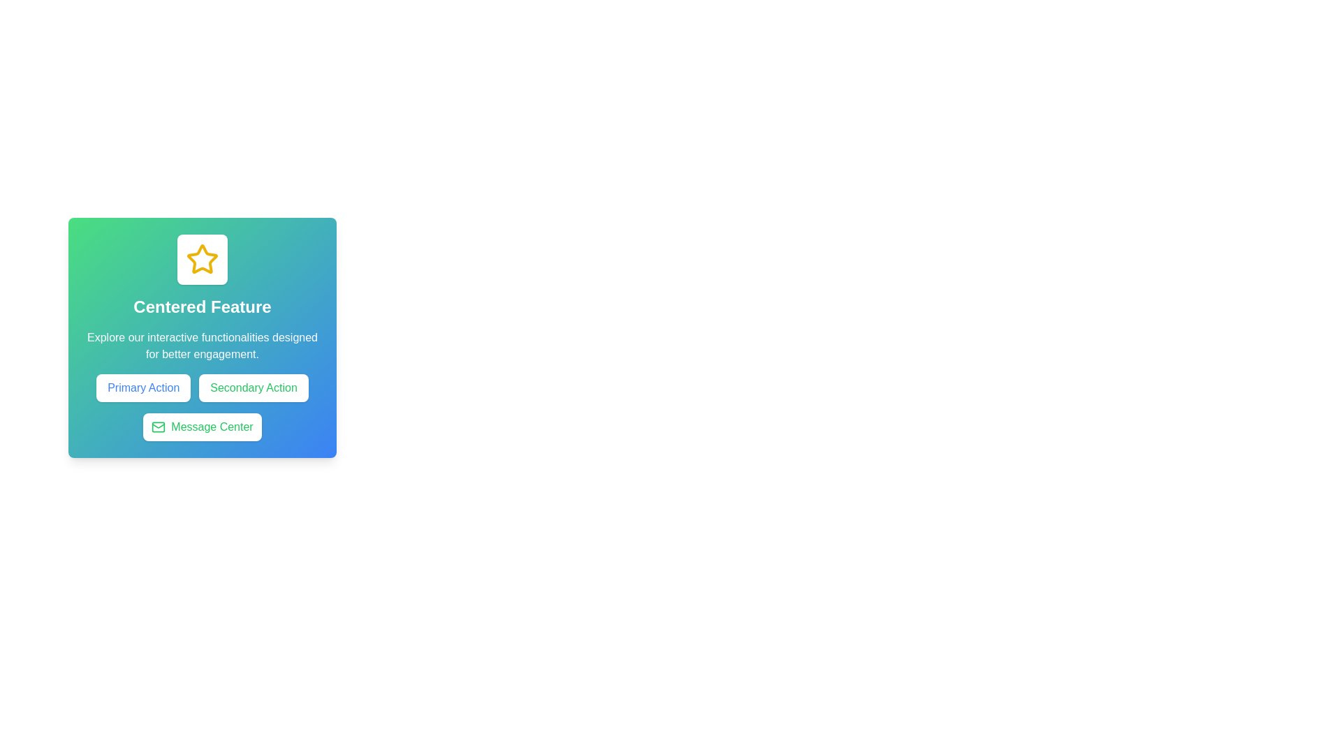  I want to click on the text label displaying 'Centered Feature' with white bold font on a gradient background from green to blue, located in the center beneath a star icon, so click(201, 306).